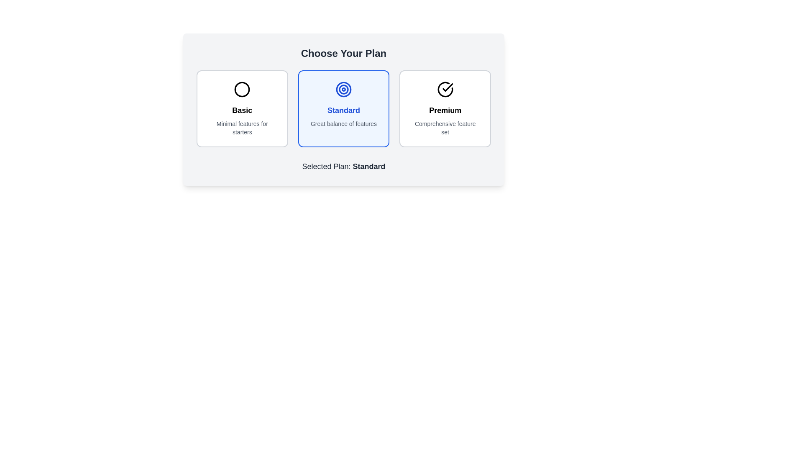  I want to click on the icon that signifies the selection or confirmation of the 'Premium' plan option, located at the top center of the 'Premium' plan section, so click(445, 89).